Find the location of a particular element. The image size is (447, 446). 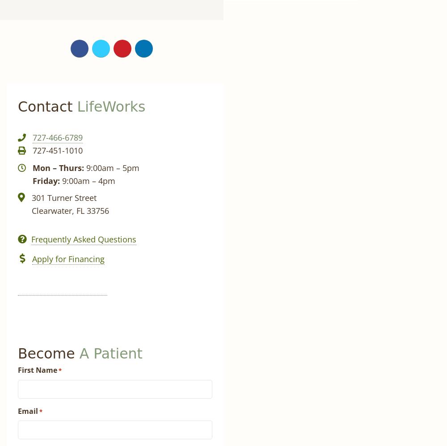

'Clearwater, FL 33756' is located at coordinates (31, 211).